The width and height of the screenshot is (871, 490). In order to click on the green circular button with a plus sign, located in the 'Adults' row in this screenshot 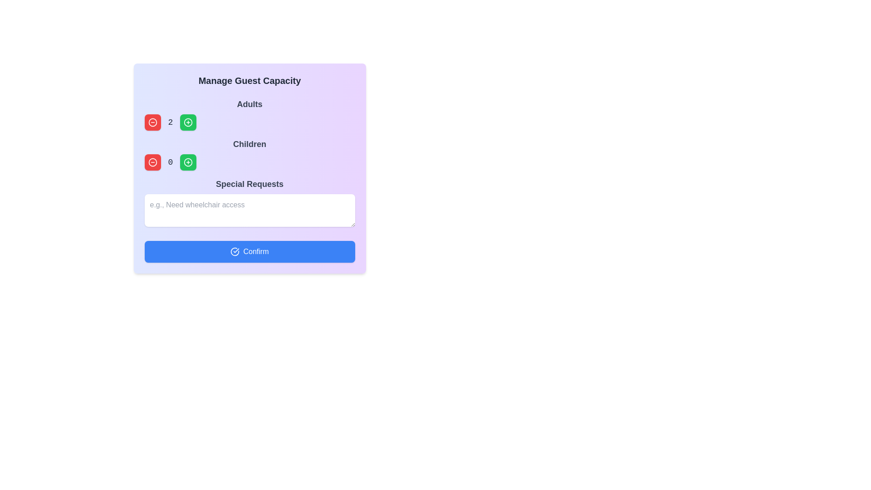, I will do `click(188, 122)`.